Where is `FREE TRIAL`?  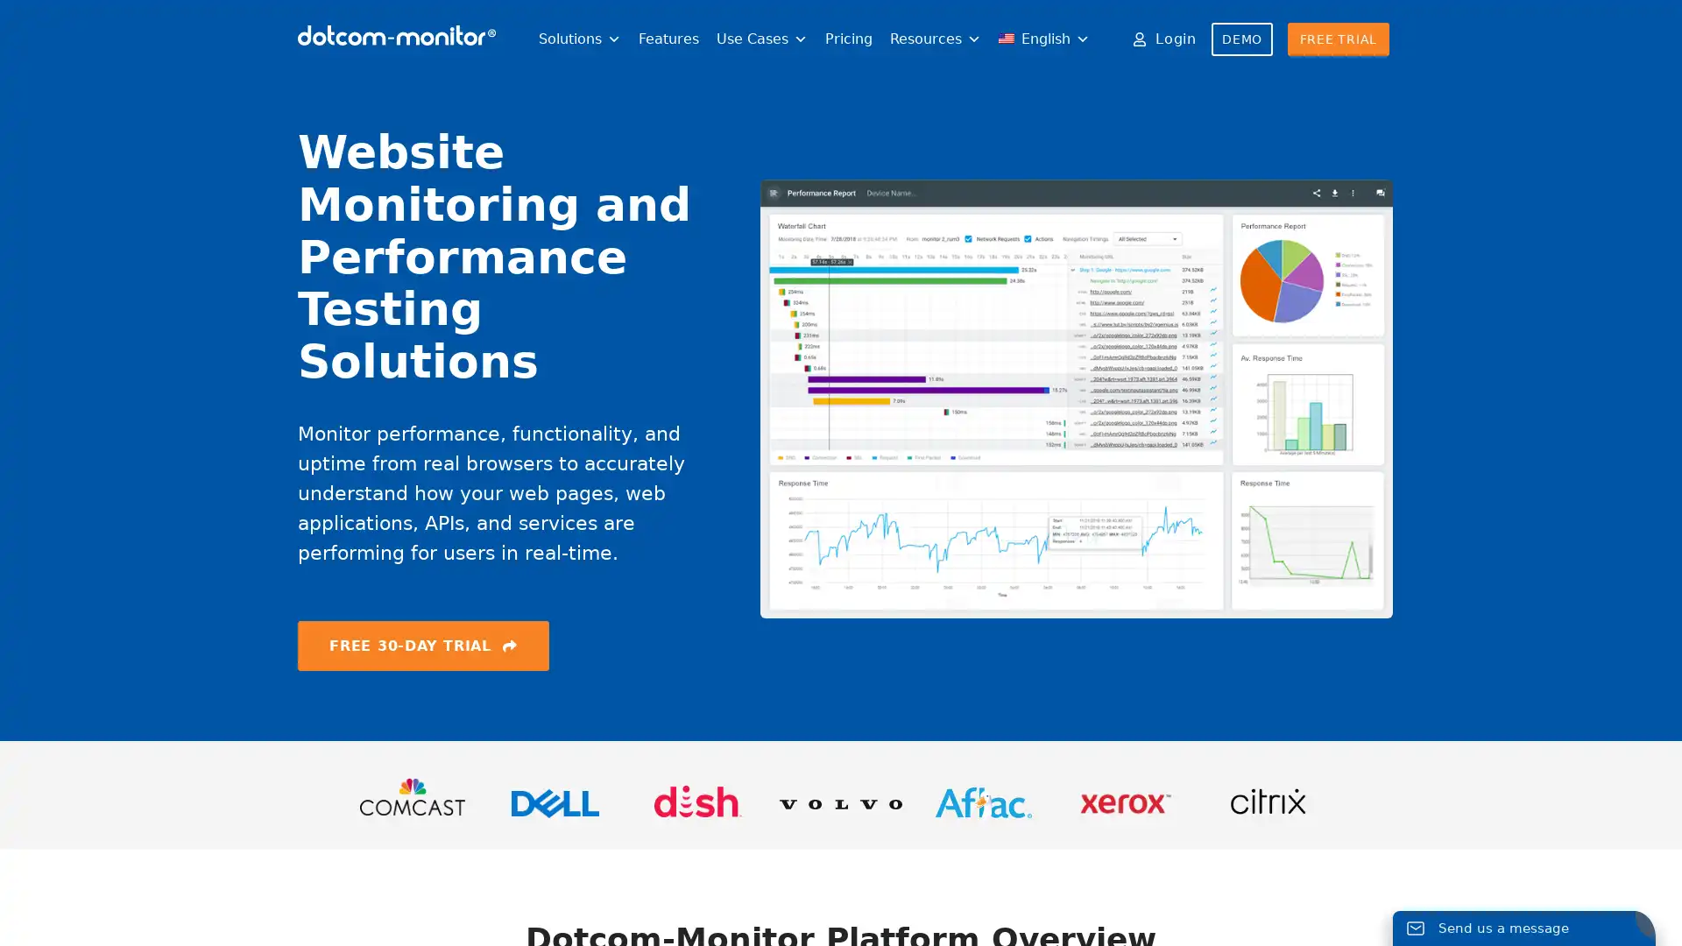
FREE TRIAL is located at coordinates (1337, 39).